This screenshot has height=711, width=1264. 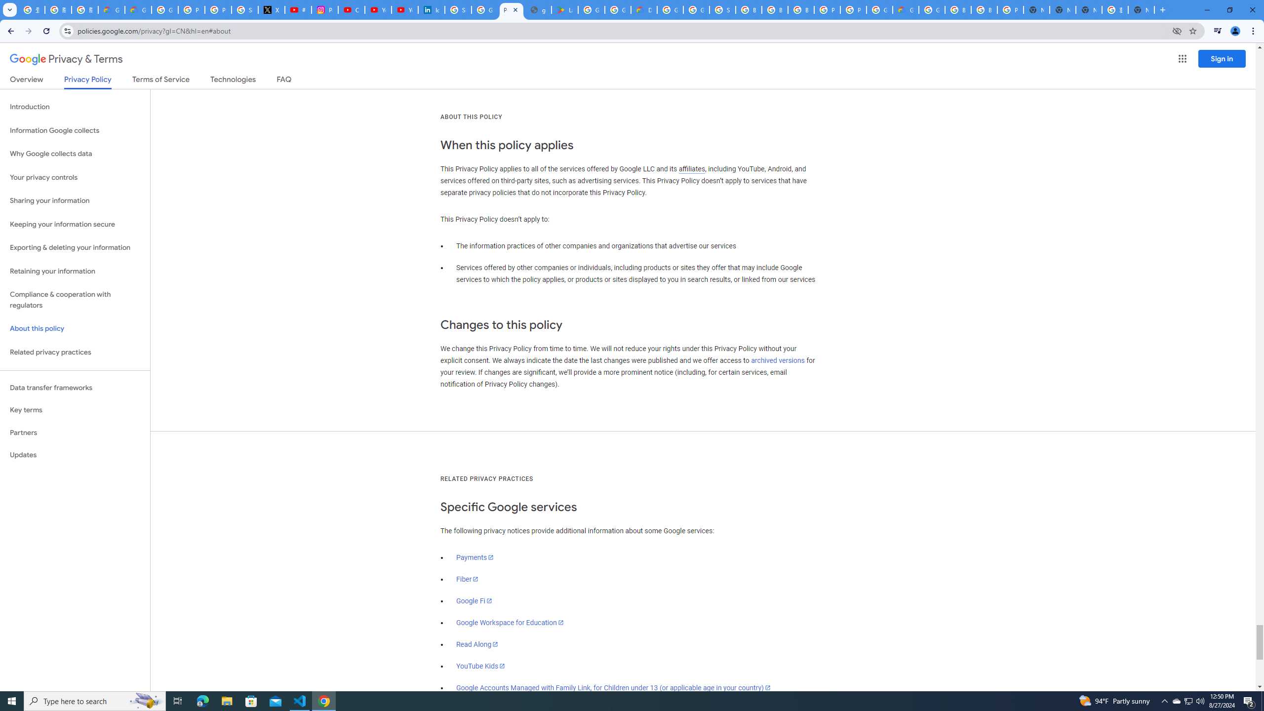 I want to click on 'Data transfer frameworks', so click(x=75, y=388).